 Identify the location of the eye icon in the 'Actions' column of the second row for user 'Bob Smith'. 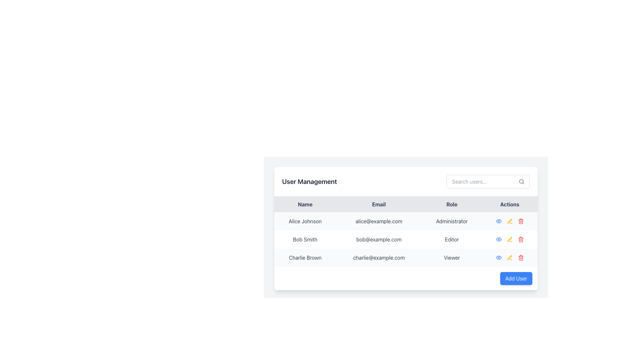
(498, 239).